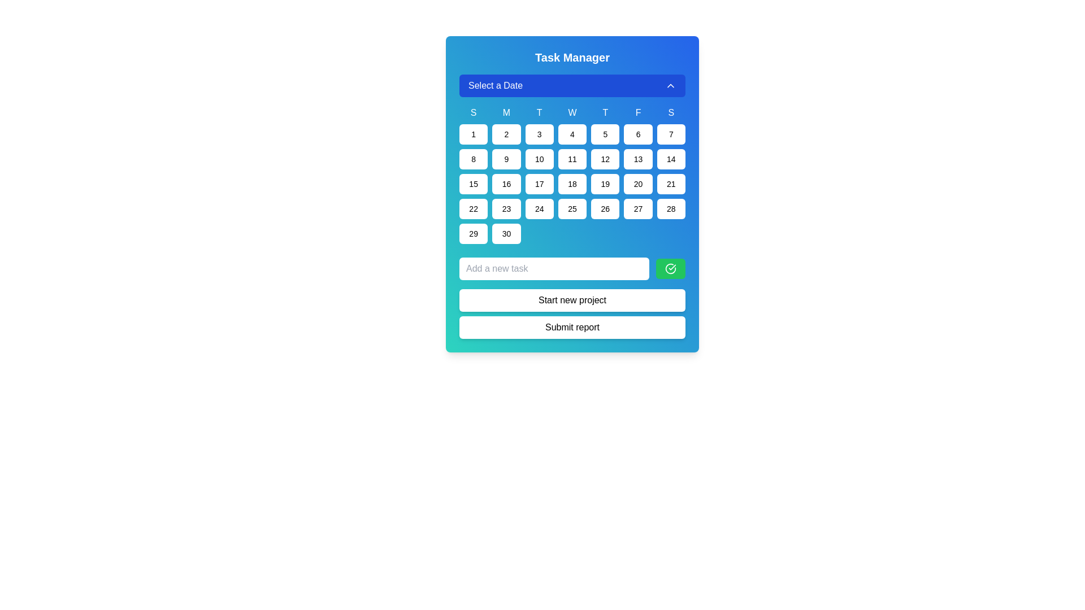 This screenshot has height=610, width=1085. I want to click on the Dropdown toggle button with blue background and 'Select a Date' text for keyboard navigation, so click(572, 85).